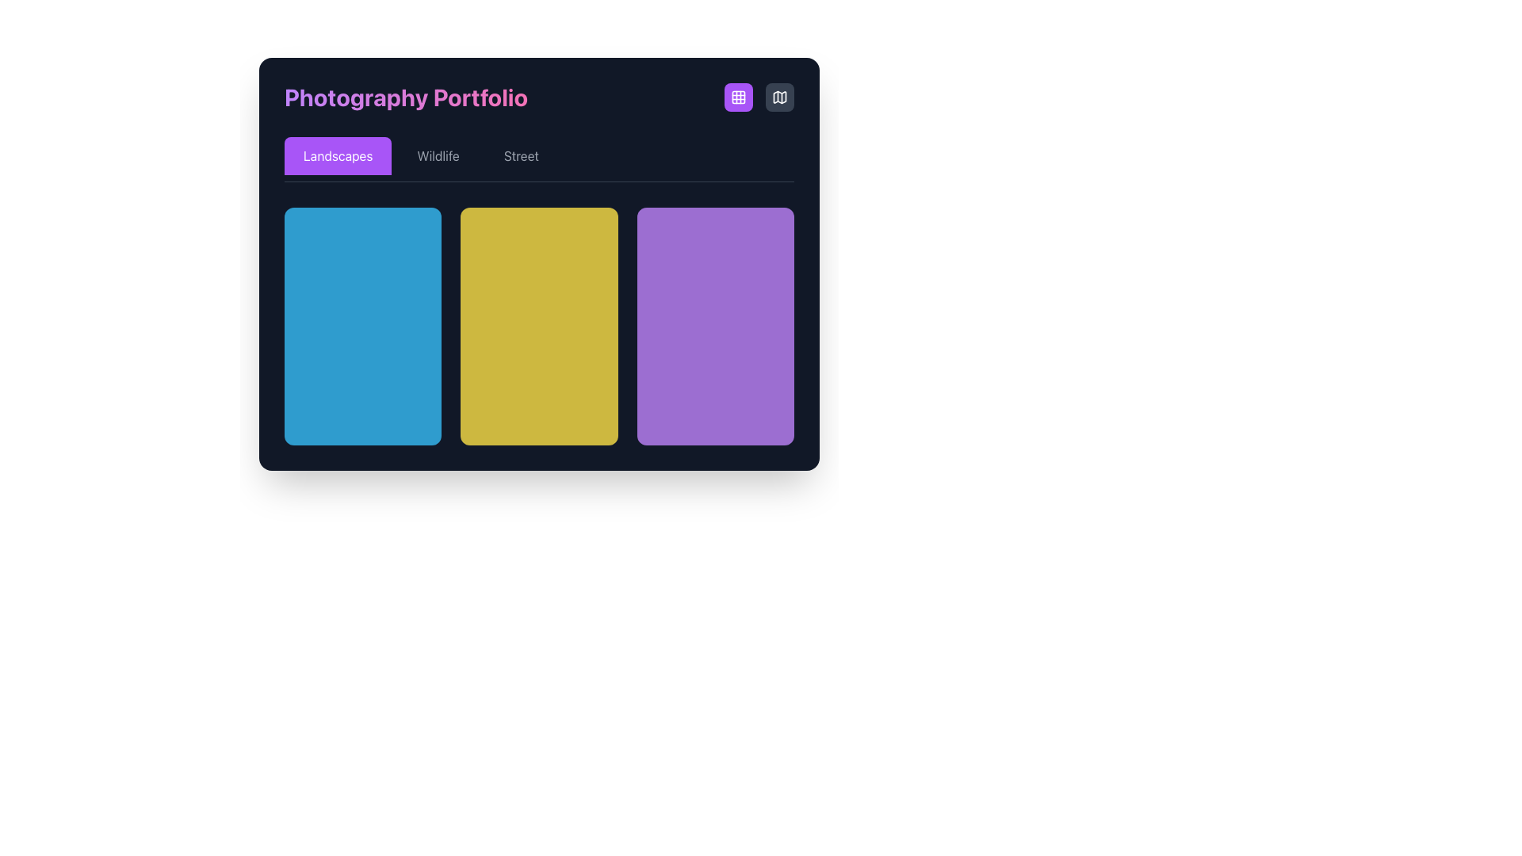  I want to click on the Navigation tab group containing the options 'Landscapes', 'Wildlife', and 'Street', so click(539, 159).